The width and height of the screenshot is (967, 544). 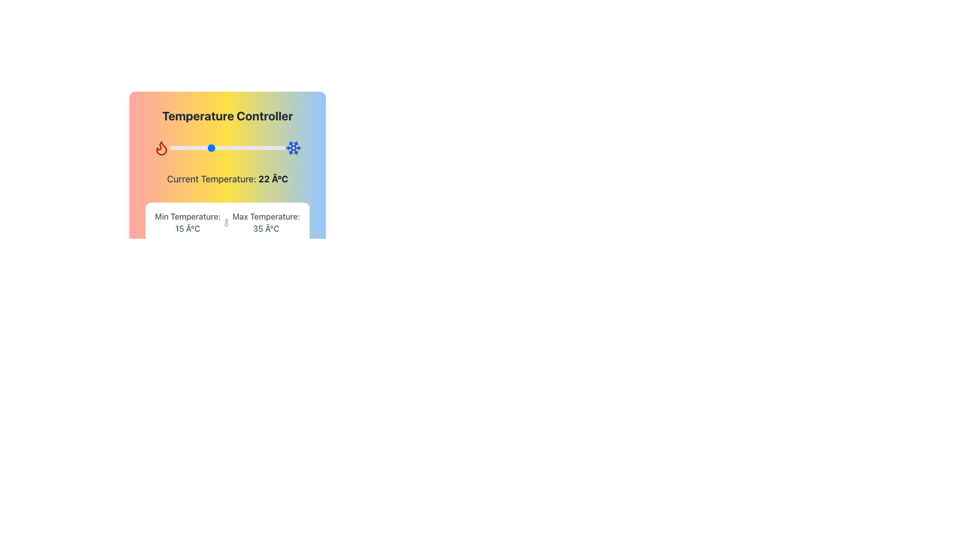 What do you see at coordinates (245, 148) in the screenshot?
I see `temperature` at bounding box center [245, 148].